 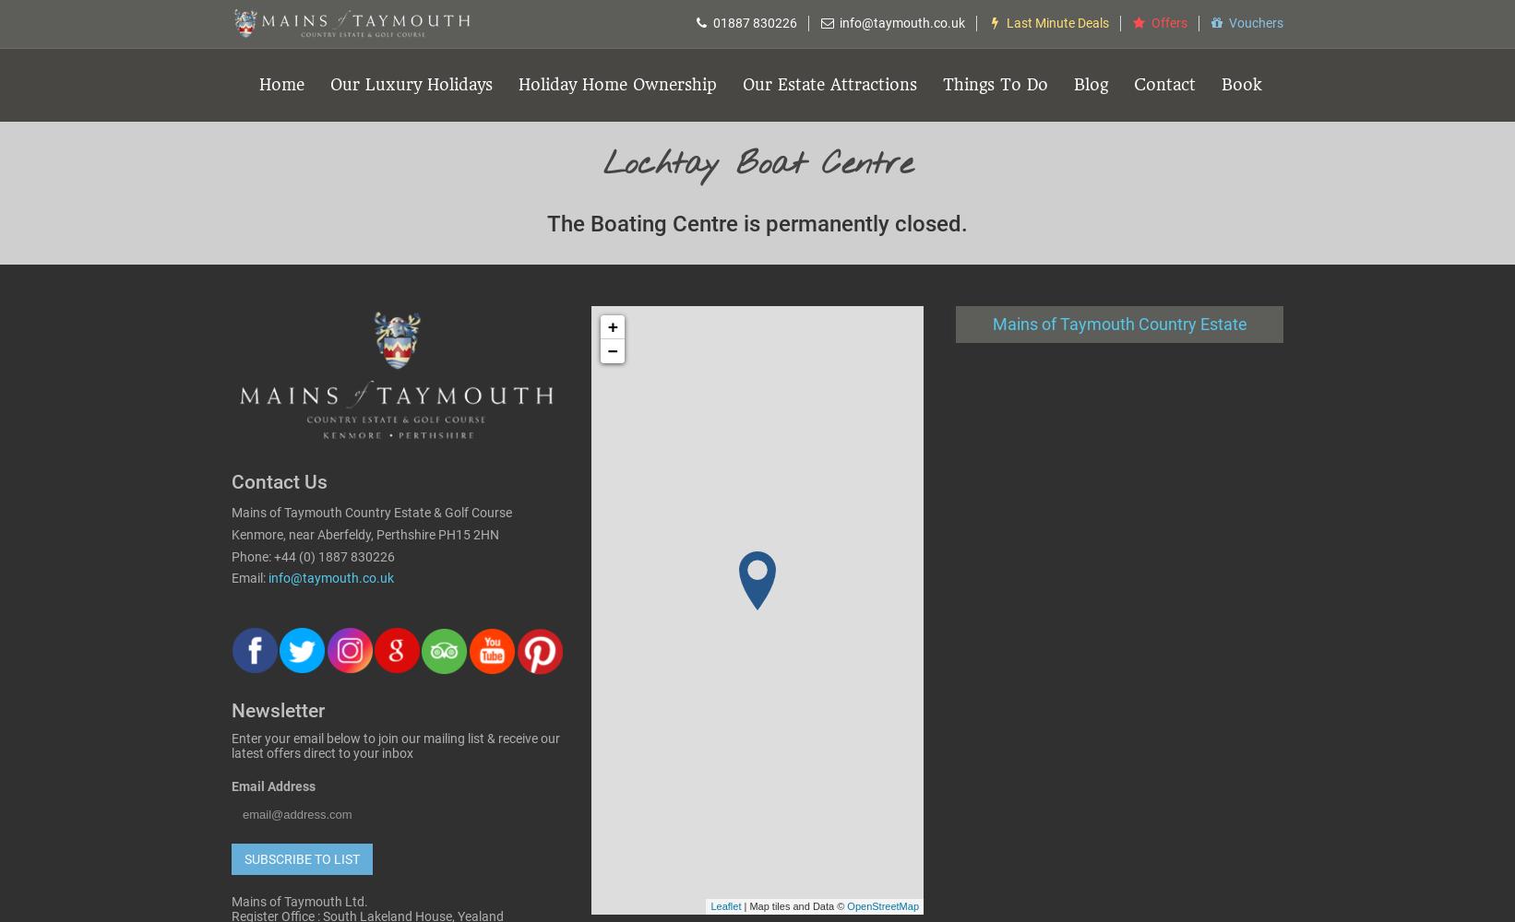 What do you see at coordinates (231, 786) in the screenshot?
I see `'Email Address'` at bounding box center [231, 786].